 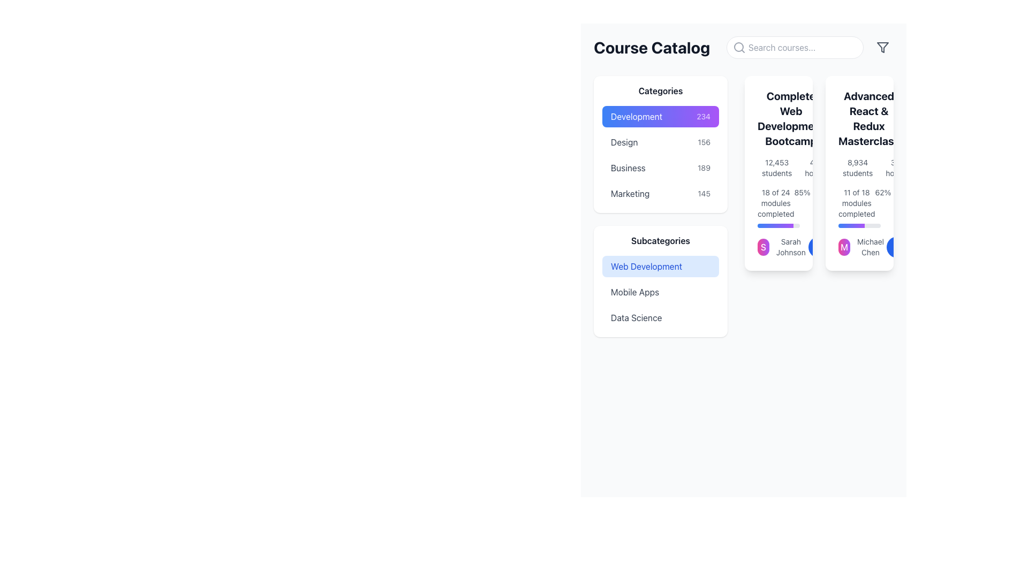 What do you see at coordinates (778, 119) in the screenshot?
I see `the text label that says 'Complete Web Development Bootcamp', which is positioned at the top of the central card in the interface` at bounding box center [778, 119].